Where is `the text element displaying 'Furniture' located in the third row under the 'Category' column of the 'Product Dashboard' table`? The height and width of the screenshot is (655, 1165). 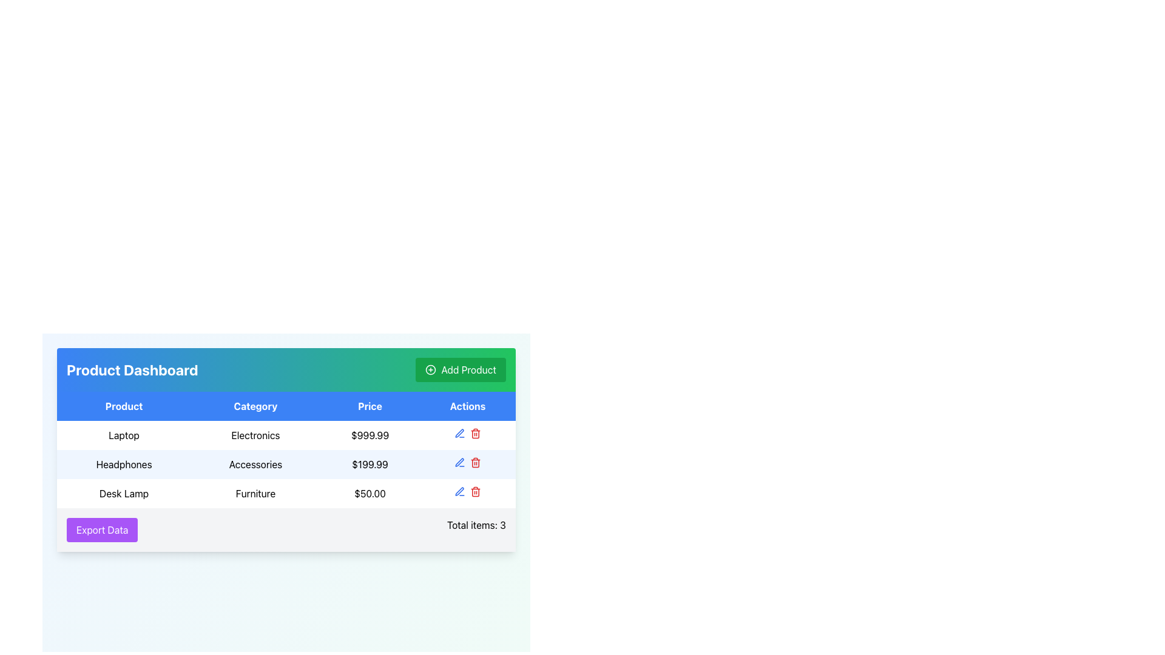 the text element displaying 'Furniture' located in the third row under the 'Category' column of the 'Product Dashboard' table is located at coordinates (255, 493).